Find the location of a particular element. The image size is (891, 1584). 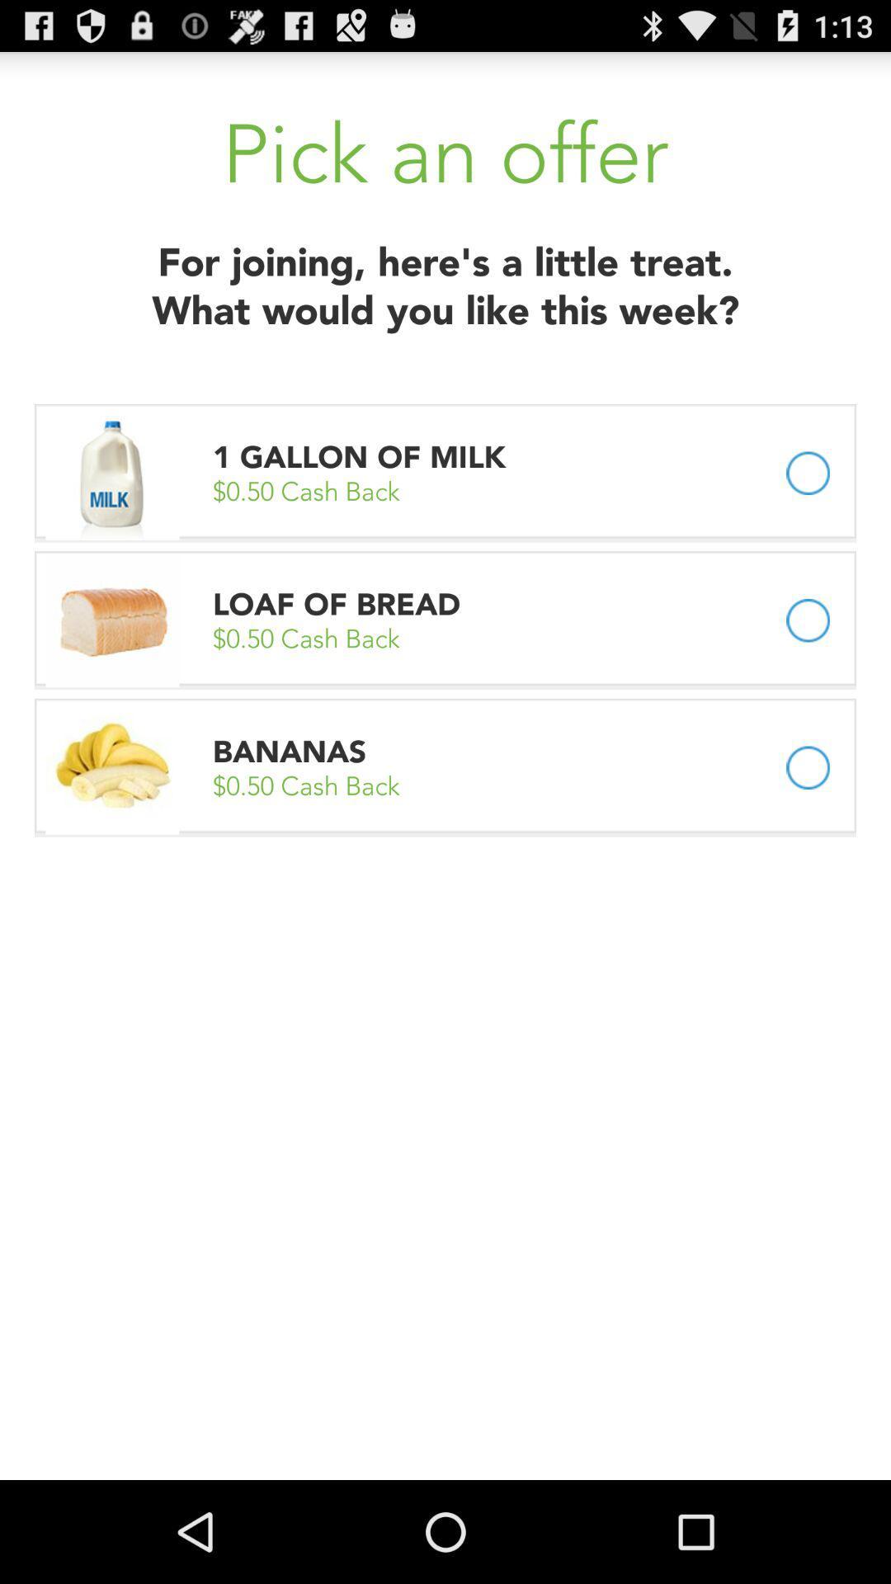

item above 0 50 cash icon is located at coordinates (336, 603).